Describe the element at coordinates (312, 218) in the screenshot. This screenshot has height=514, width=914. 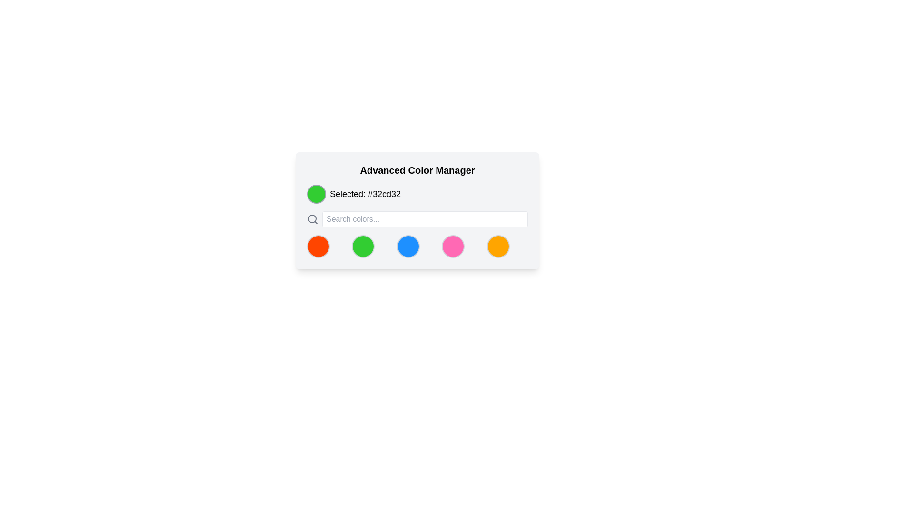
I see `the inner circular component of the search icon, which has a gray border and is positioned to the left of the text input field labeled 'Selected: #32cd32'` at that location.